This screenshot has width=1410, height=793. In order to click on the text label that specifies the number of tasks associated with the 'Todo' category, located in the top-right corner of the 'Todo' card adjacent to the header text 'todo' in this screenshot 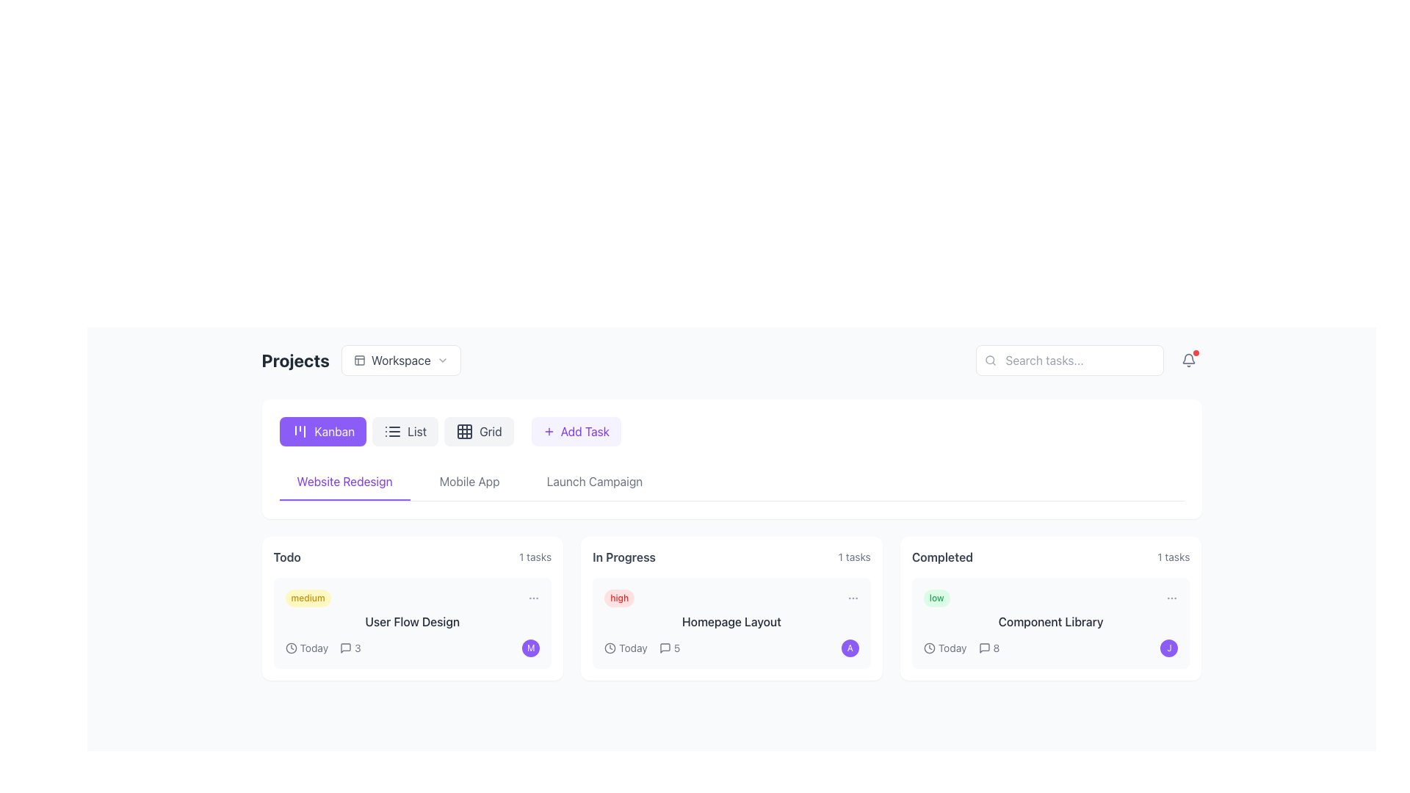, I will do `click(535, 557)`.